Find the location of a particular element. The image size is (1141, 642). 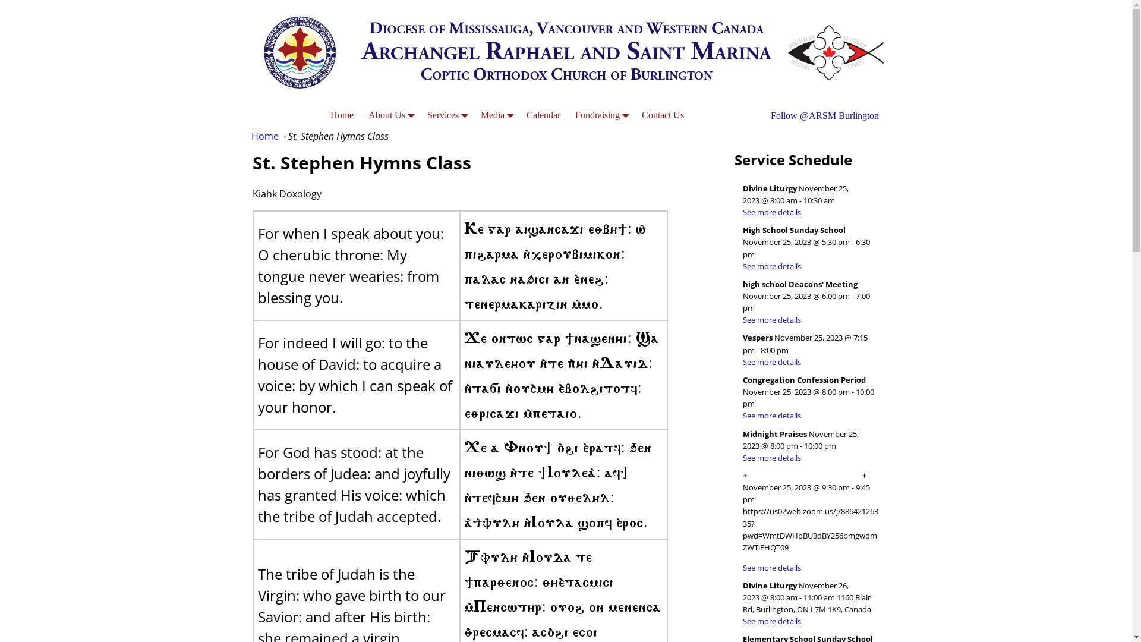

'Home' is located at coordinates (264, 135).